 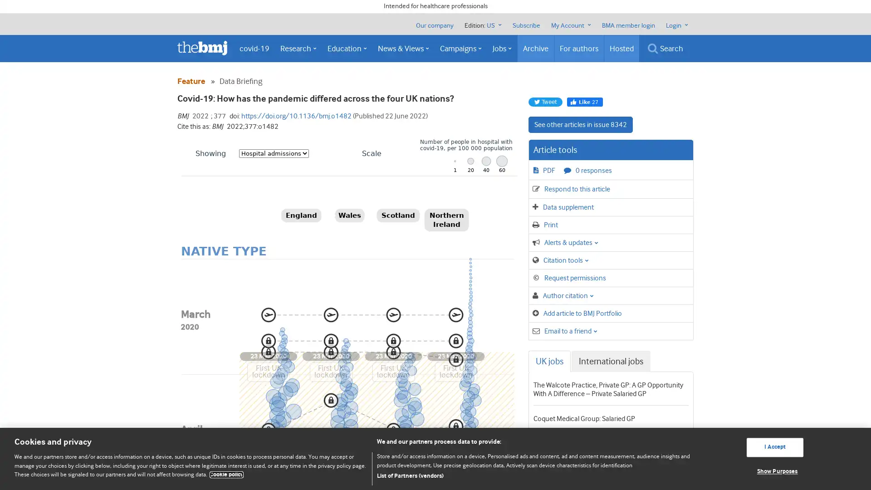 I want to click on Citation tools, so click(x=565, y=260).